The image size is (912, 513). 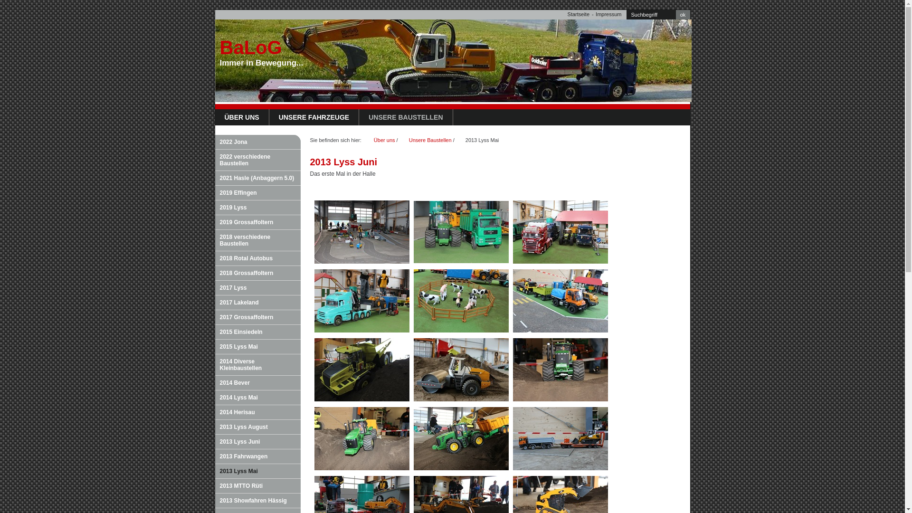 What do you see at coordinates (314, 116) in the screenshot?
I see `'UNSERE FAHRZEUGE'` at bounding box center [314, 116].